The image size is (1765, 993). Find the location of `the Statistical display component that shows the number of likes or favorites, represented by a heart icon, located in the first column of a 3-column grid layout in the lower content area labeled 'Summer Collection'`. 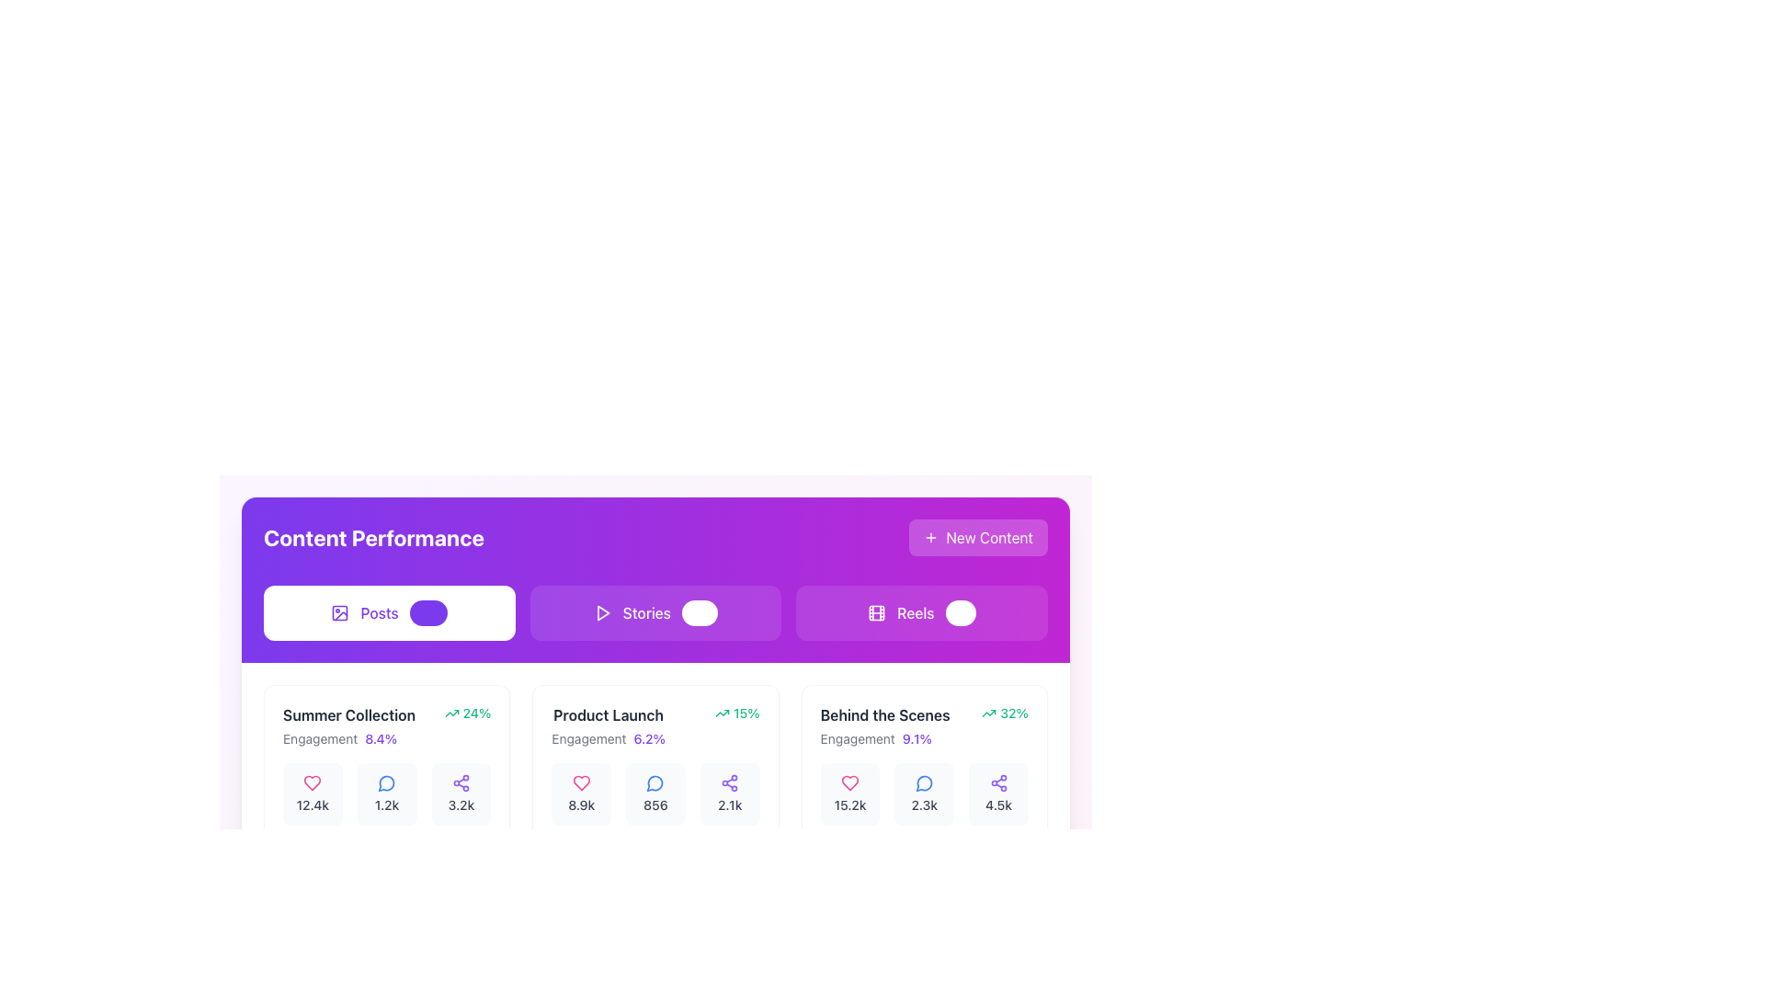

the Statistical display component that shows the number of likes or favorites, represented by a heart icon, located in the first column of a 3-column grid layout in the lower content area labeled 'Summer Collection' is located at coordinates (313, 793).